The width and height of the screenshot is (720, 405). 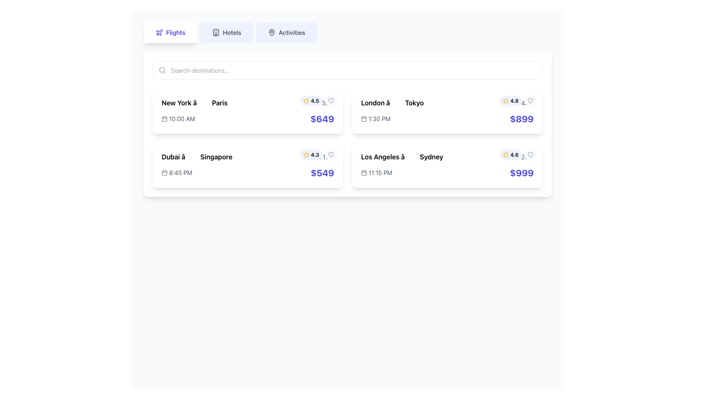 I want to click on the airplane icon located in the 'Flights' navigation tab at the top-left corner of the interface, so click(x=159, y=32).